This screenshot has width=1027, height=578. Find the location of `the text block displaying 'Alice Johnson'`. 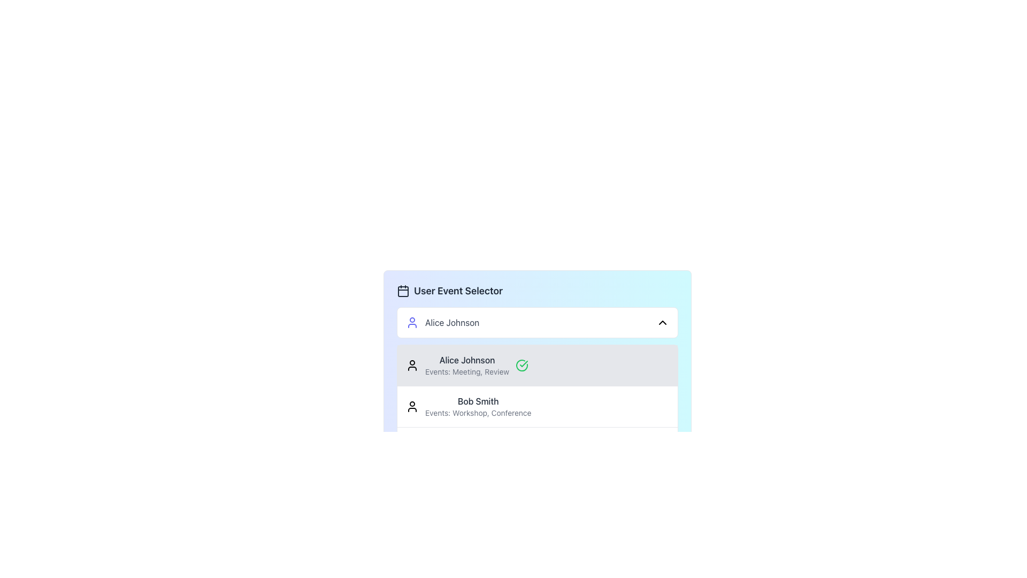

the text block displaying 'Alice Johnson' is located at coordinates (467, 364).